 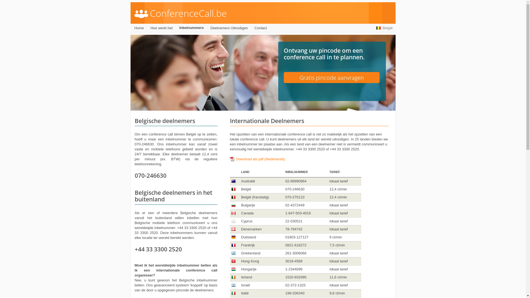 What do you see at coordinates (161, 28) in the screenshot?
I see `'Hoe werkt het'` at bounding box center [161, 28].